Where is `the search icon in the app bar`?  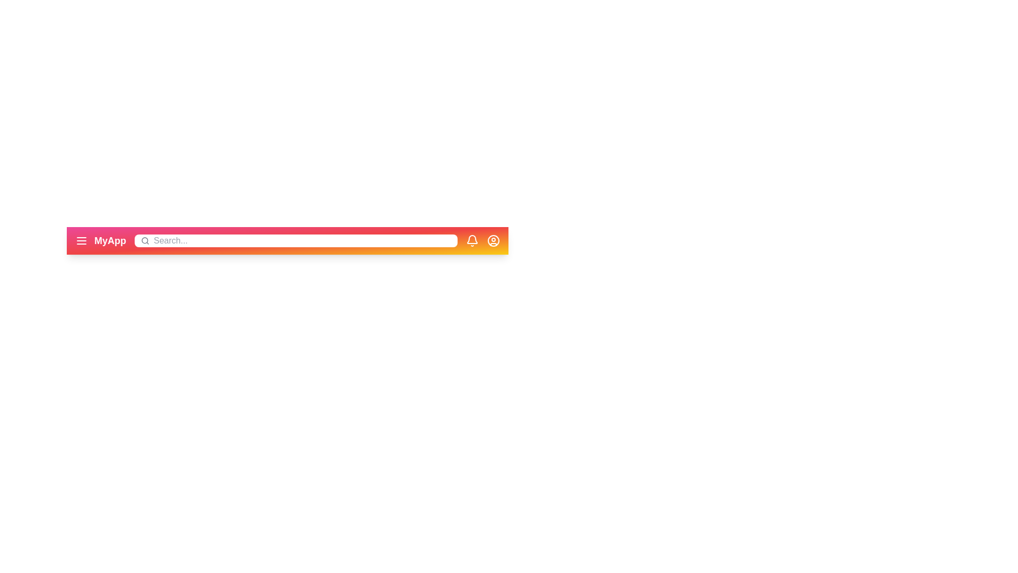
the search icon in the app bar is located at coordinates (144, 241).